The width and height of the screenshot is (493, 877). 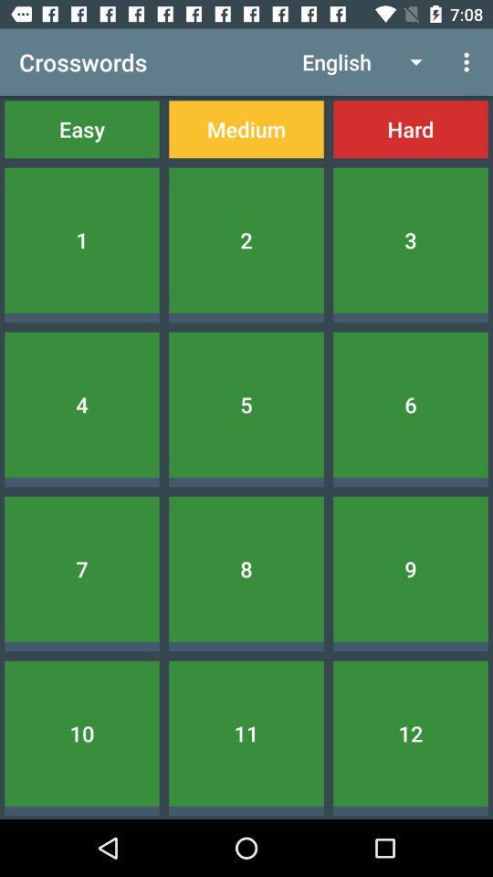 What do you see at coordinates (246, 568) in the screenshot?
I see `8 item` at bounding box center [246, 568].